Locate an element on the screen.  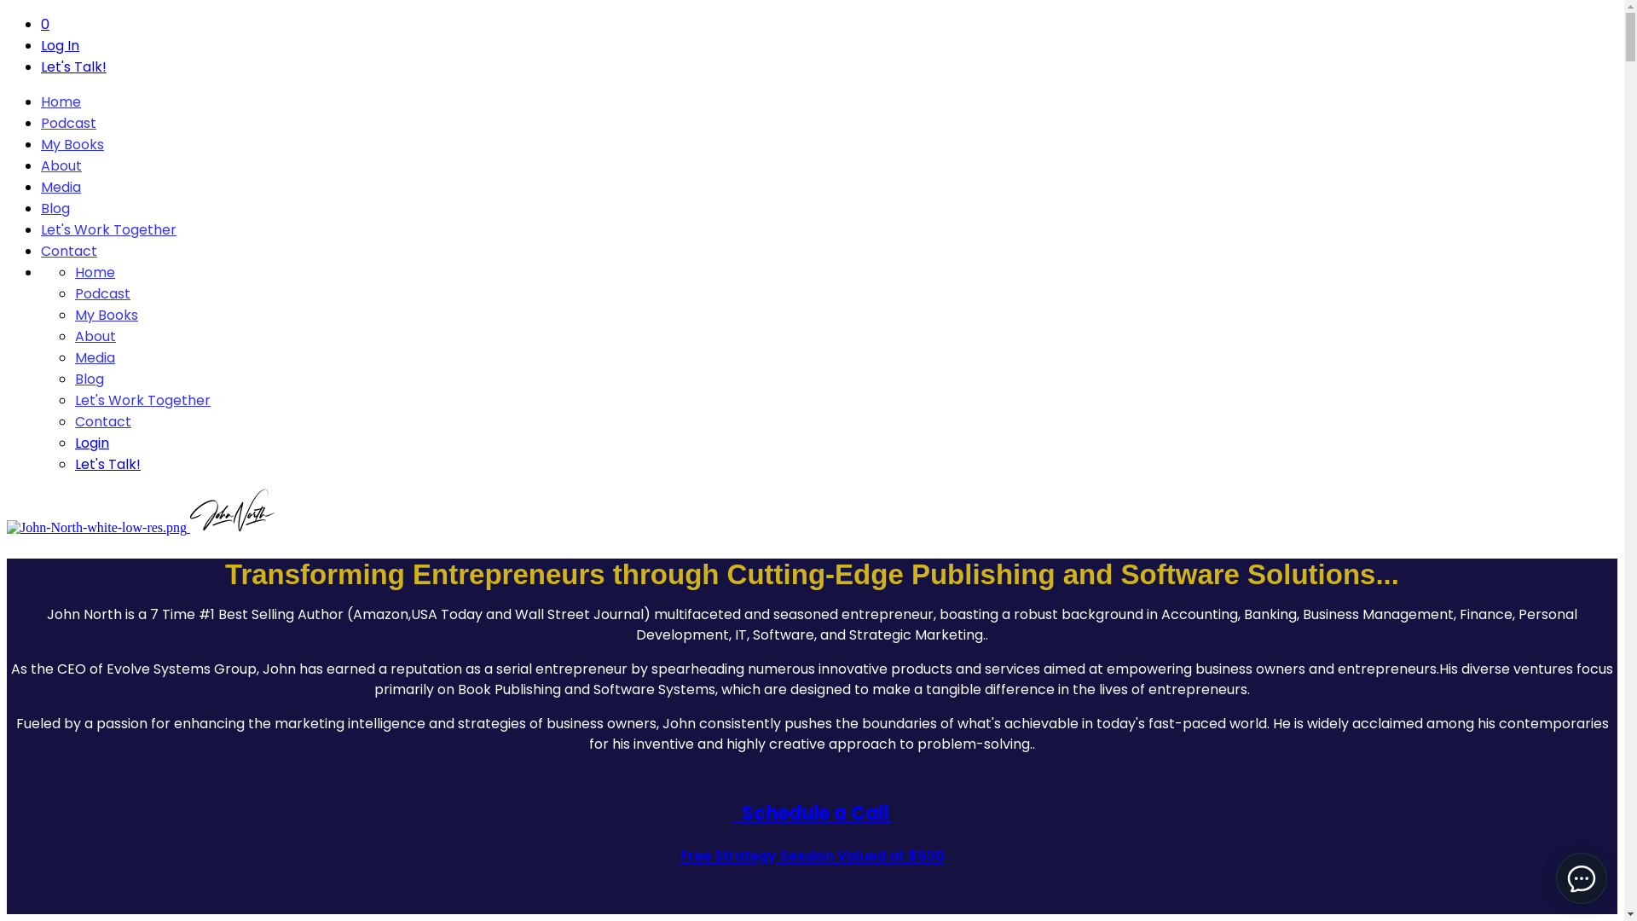
'  Schedule a Call is located at coordinates (812, 829).